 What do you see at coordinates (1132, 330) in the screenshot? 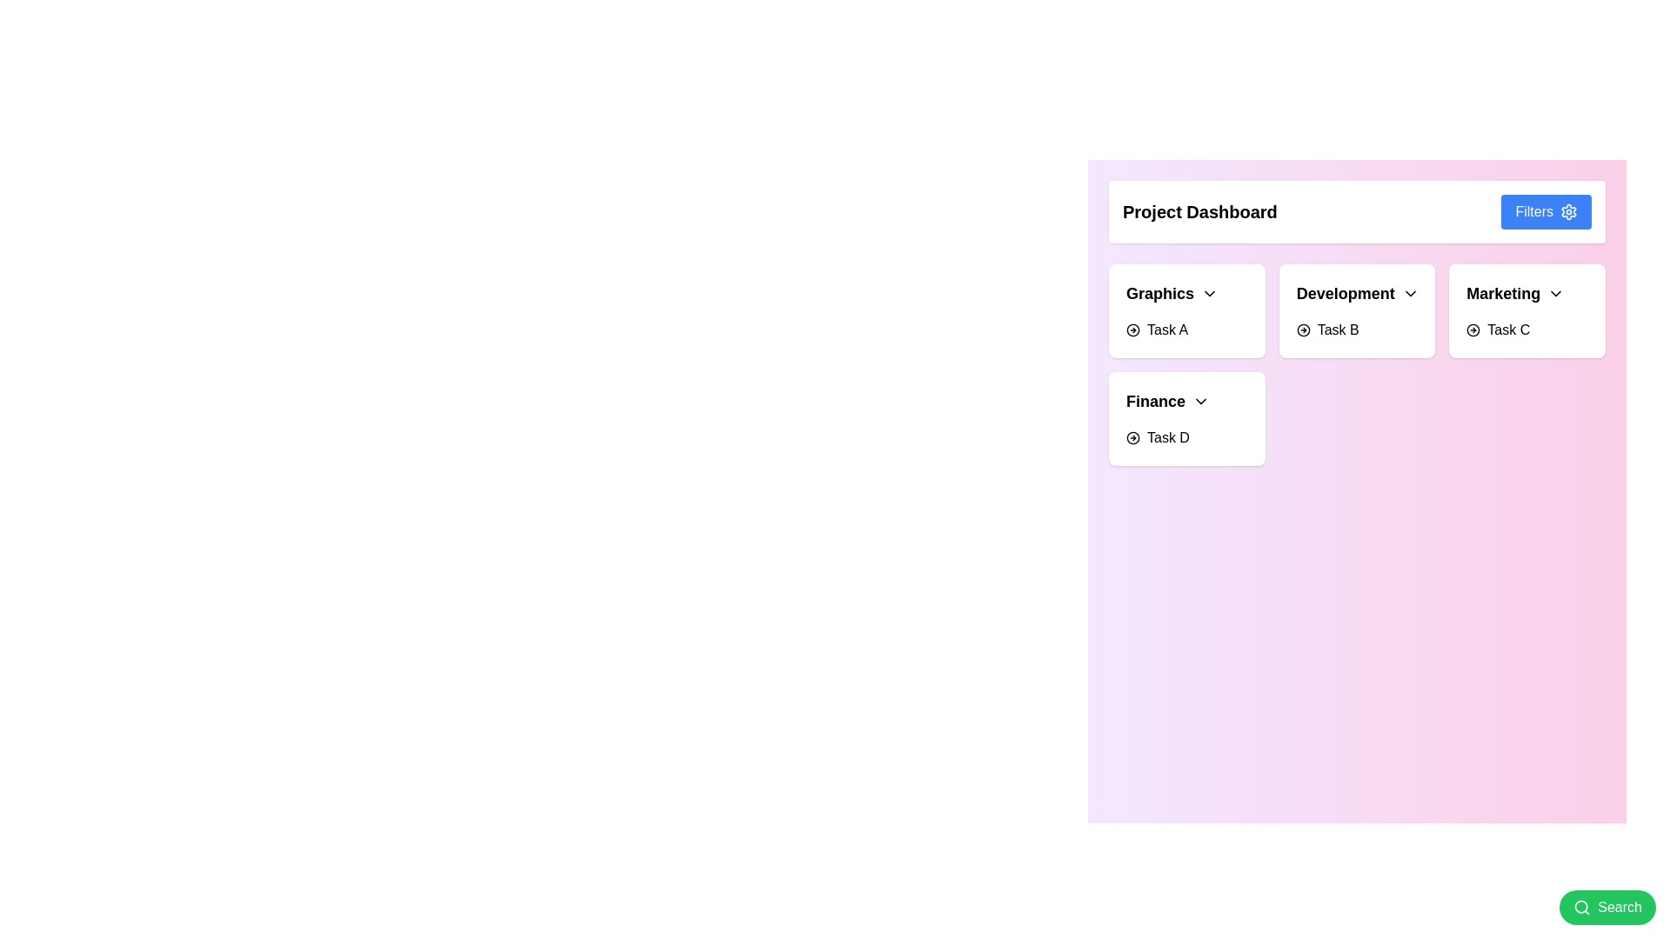
I see `the circular icon with a right-pointing arrow inside, located in the 'Task A' row of the 'Graphics' section on the left side of the text 'Task A'` at bounding box center [1132, 330].